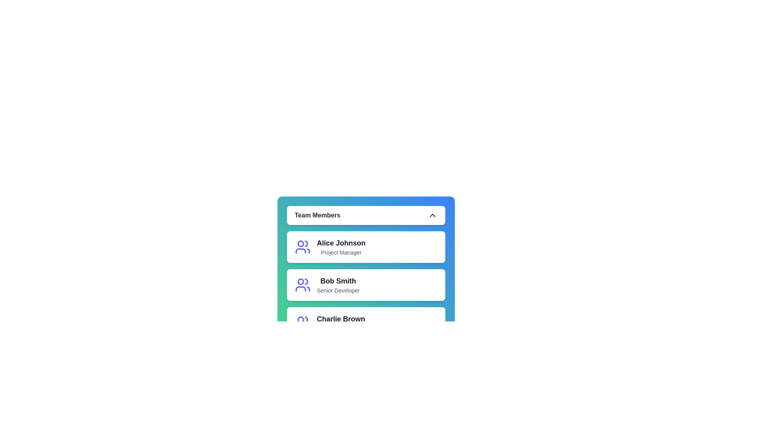 This screenshot has width=760, height=427. I want to click on the team member card for Charlie Brown, so click(317, 323).